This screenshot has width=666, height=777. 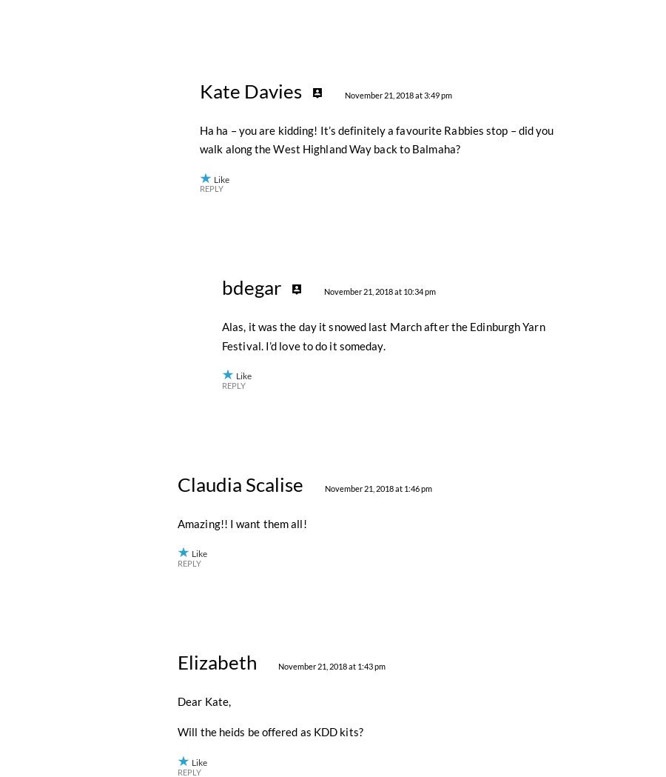 What do you see at coordinates (237, 24) in the screenshot?
I see `'What beautiful designs !'` at bounding box center [237, 24].